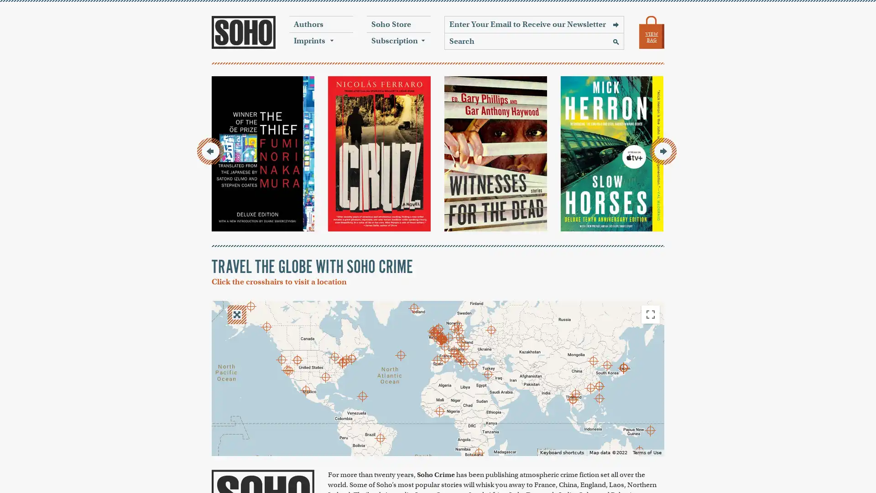 Image resolution: width=876 pixels, height=493 pixels. What do you see at coordinates (650, 313) in the screenshot?
I see `Toggle fullscreen view` at bounding box center [650, 313].